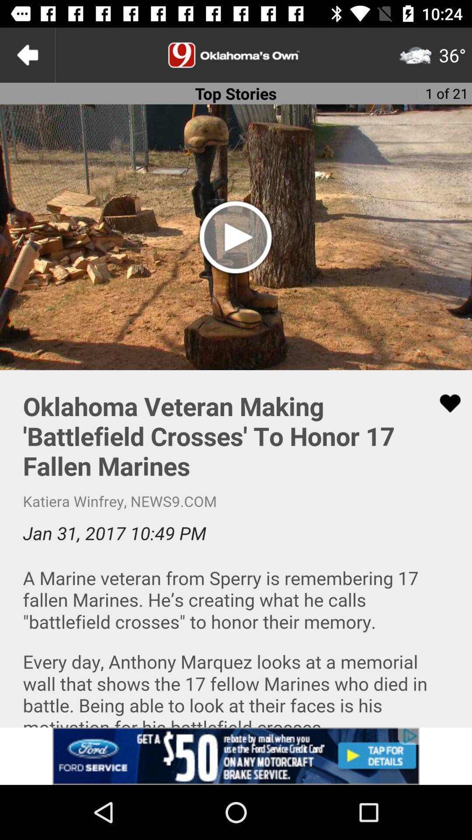 The image size is (472, 840). Describe the element at coordinates (444, 403) in the screenshot. I see `like love` at that location.